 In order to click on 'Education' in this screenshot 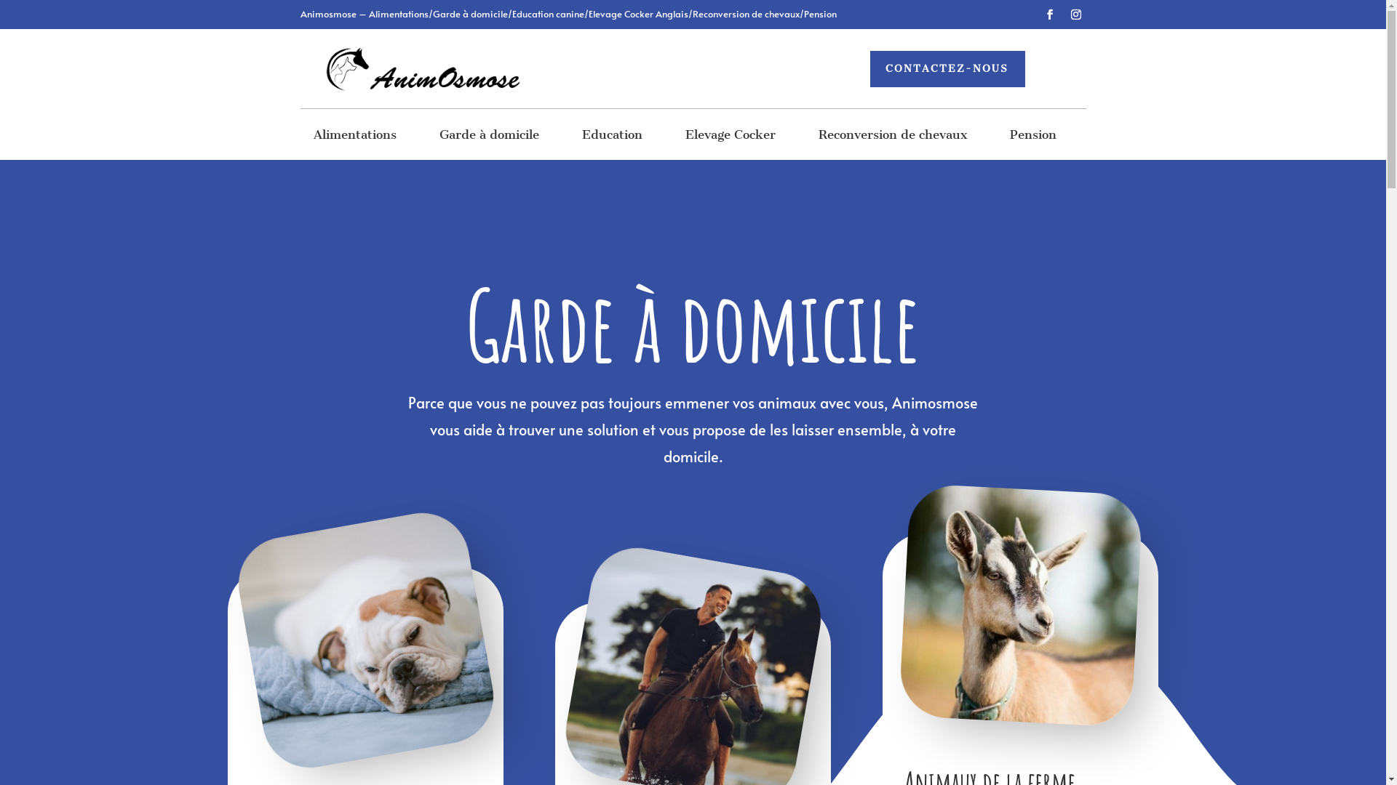, I will do `click(612, 137)`.